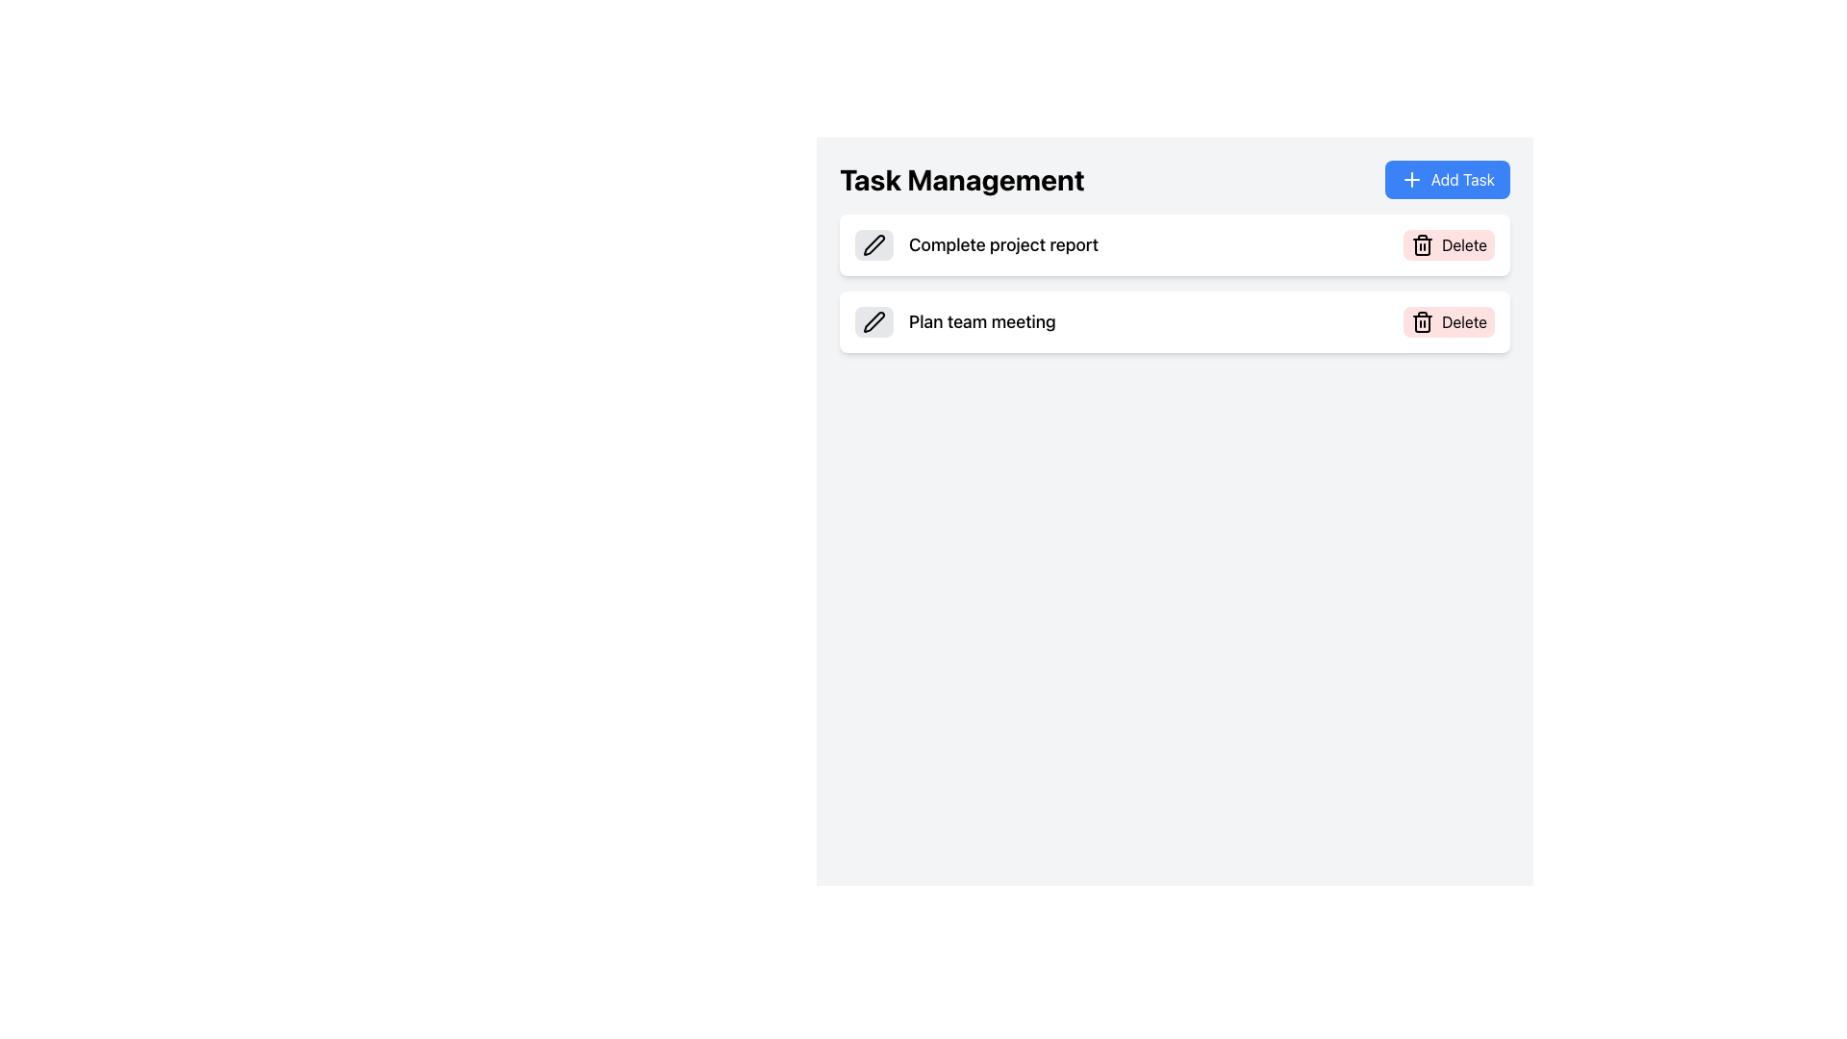 This screenshot has width=1847, height=1039. Describe the element at coordinates (872, 320) in the screenshot. I see `the pen icon located in the top-left side of the second task item for editing the 'Plan team meeting' task` at that location.